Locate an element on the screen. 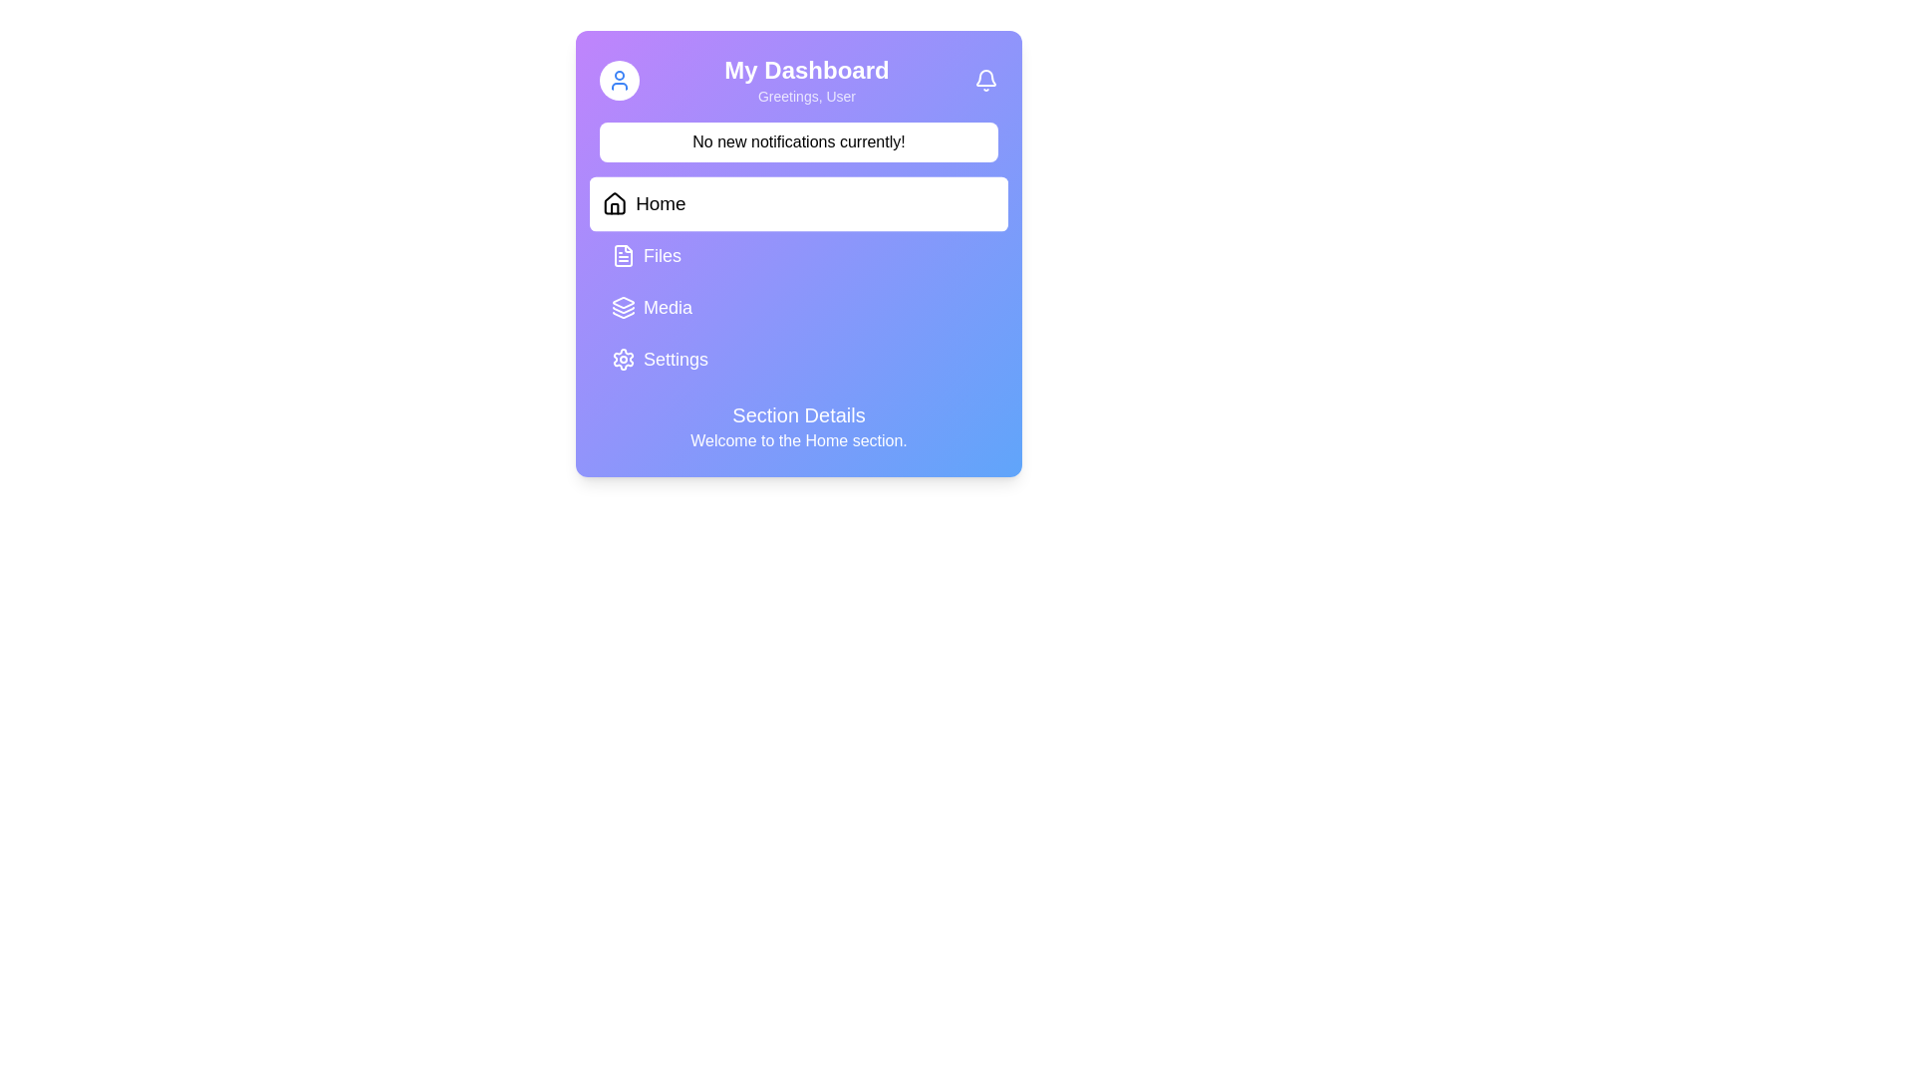  the intricate gear-shaped icon styled in light purple, located at the top-right corner of the interface adjacent to the 'My Dashboard' label is located at coordinates (622, 360).